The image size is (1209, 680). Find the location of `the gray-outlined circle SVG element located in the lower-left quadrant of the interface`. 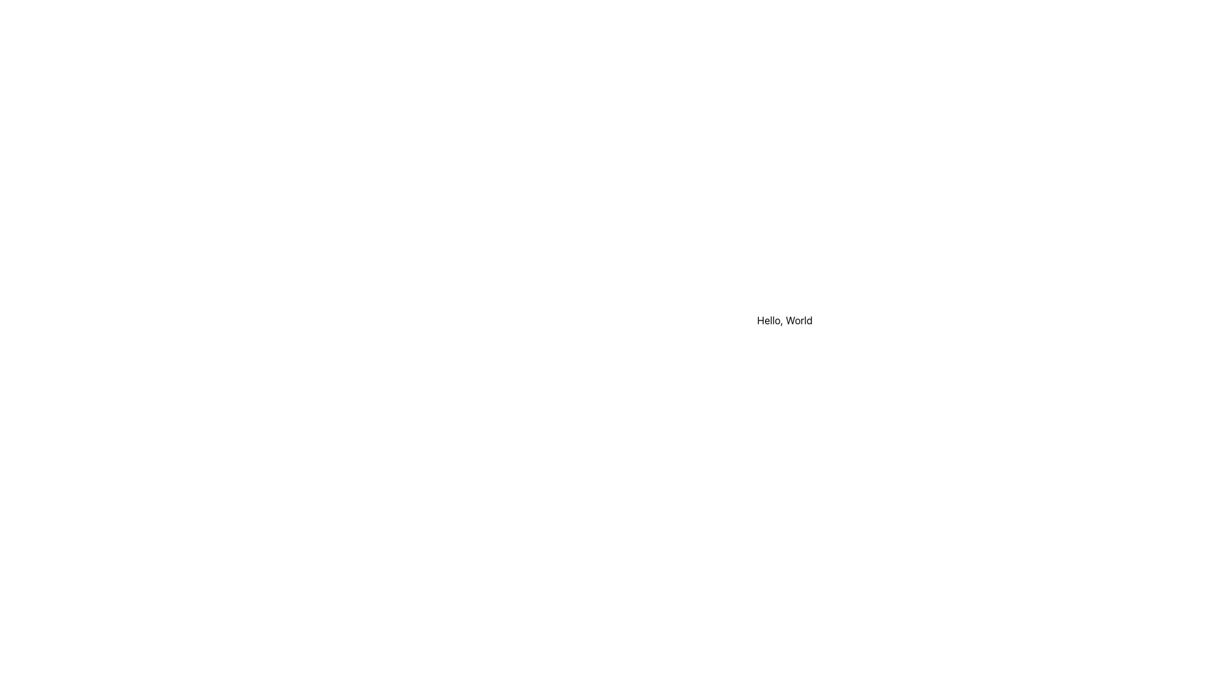

the gray-outlined circle SVG element located in the lower-left quadrant of the interface is located at coordinates (519, 465).